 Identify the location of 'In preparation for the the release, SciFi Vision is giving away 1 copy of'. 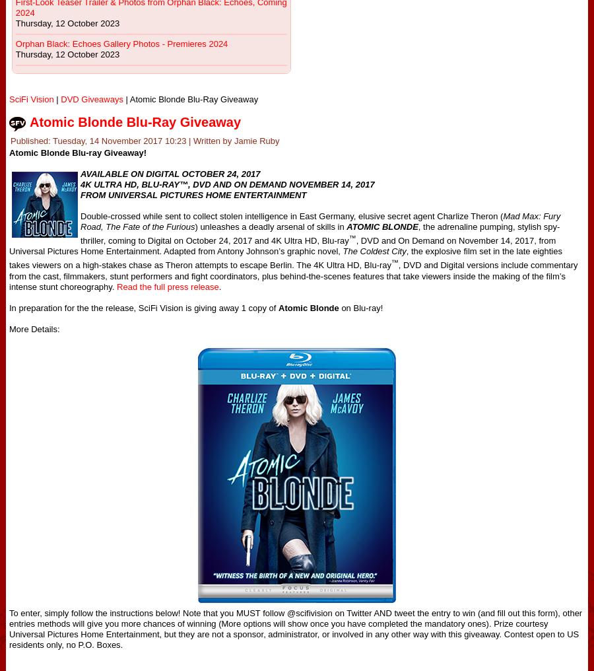
(143, 307).